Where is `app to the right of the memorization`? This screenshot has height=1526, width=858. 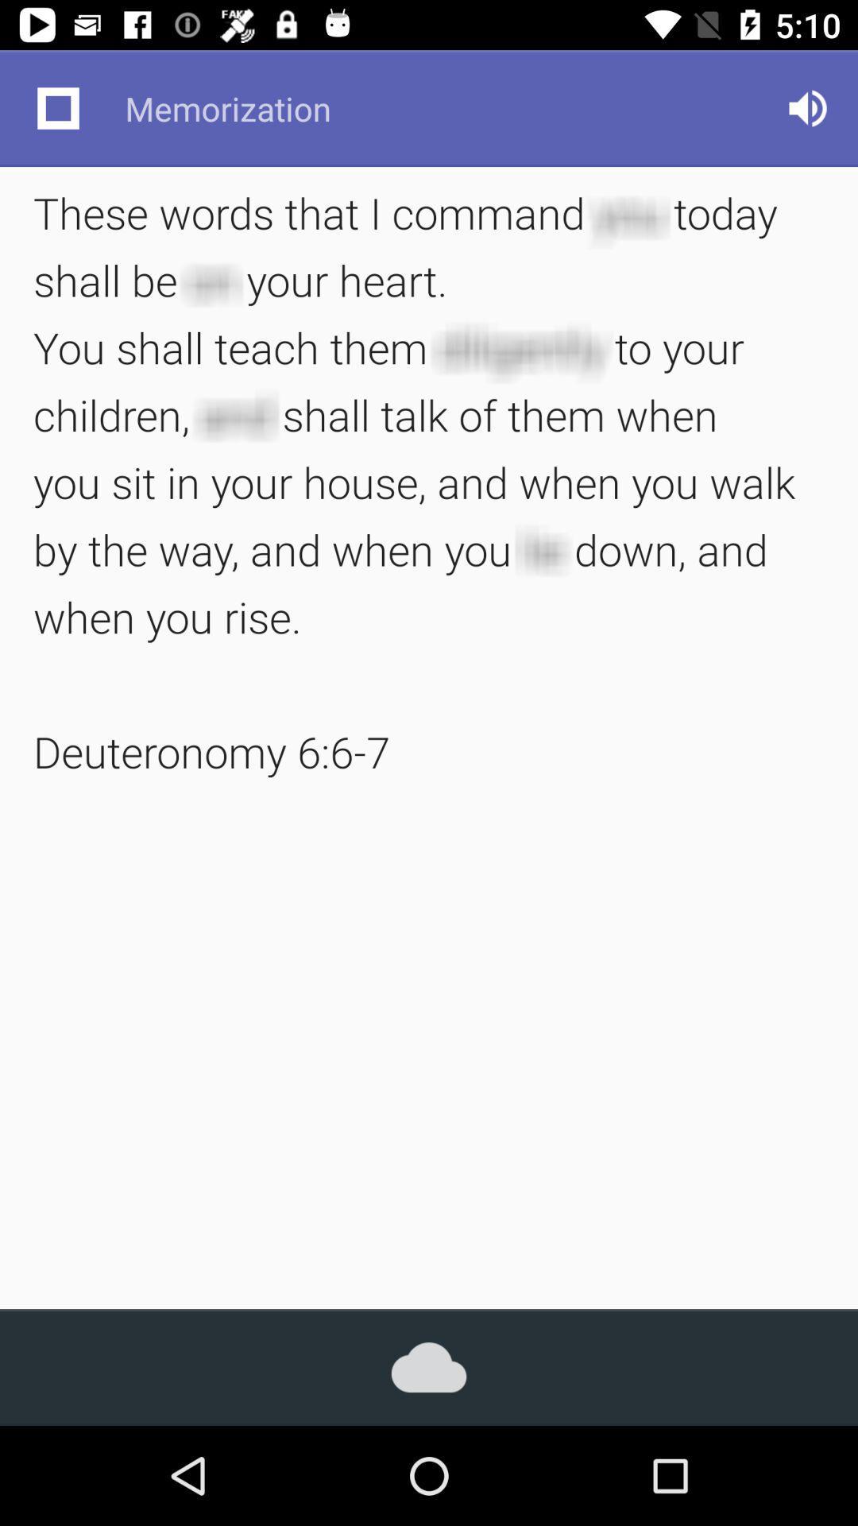 app to the right of the memorization is located at coordinates (808, 107).